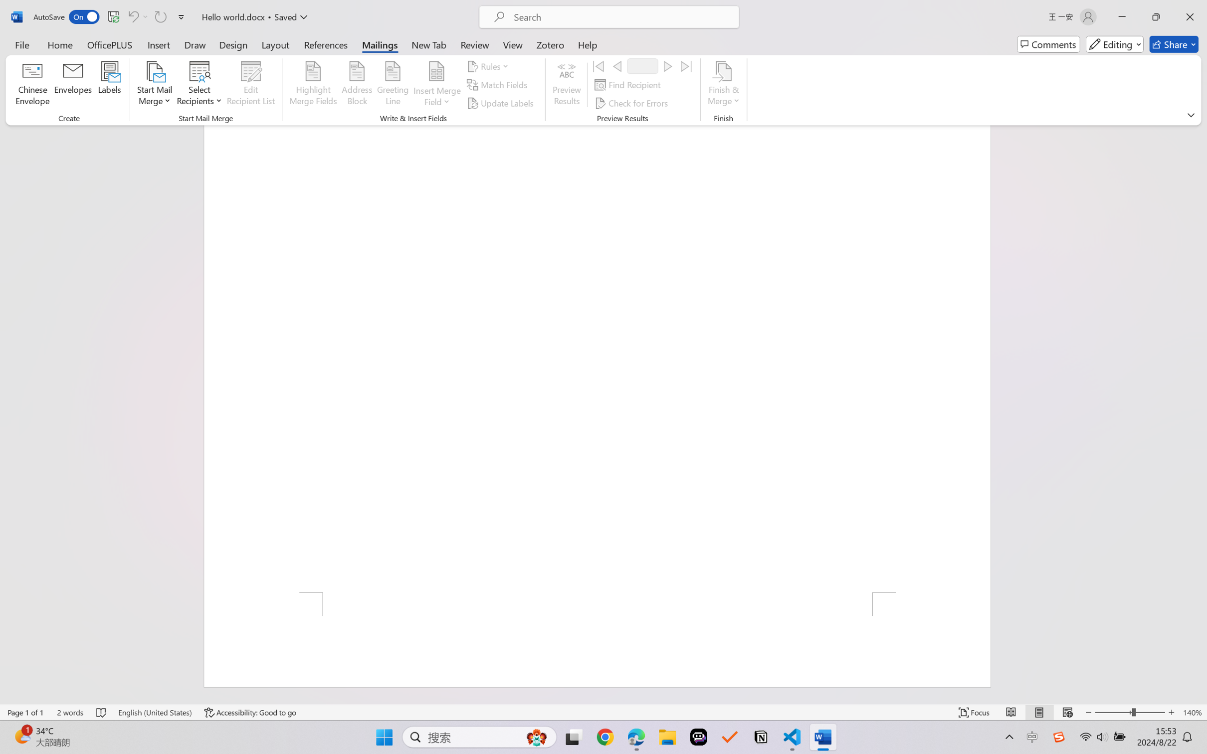  I want to click on 'Accessibility Checker Accessibility: Good to go', so click(250, 712).